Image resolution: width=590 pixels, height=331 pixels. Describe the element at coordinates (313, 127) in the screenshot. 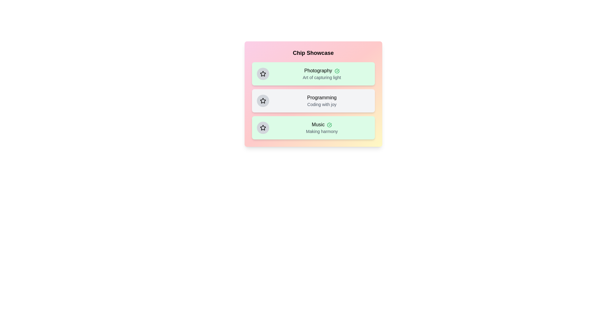

I see `the chip labeled Music` at that location.